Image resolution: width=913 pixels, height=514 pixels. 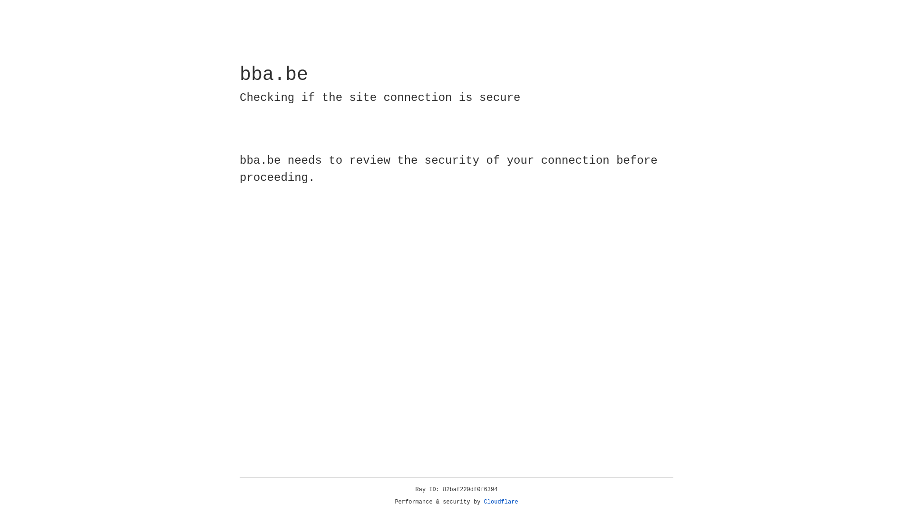 What do you see at coordinates (501, 502) in the screenshot?
I see `'Cloudflare'` at bounding box center [501, 502].